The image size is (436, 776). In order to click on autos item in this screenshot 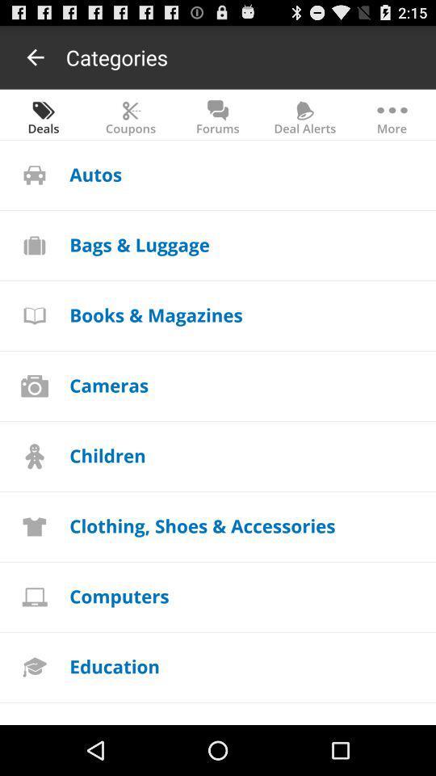, I will do `click(95, 174)`.